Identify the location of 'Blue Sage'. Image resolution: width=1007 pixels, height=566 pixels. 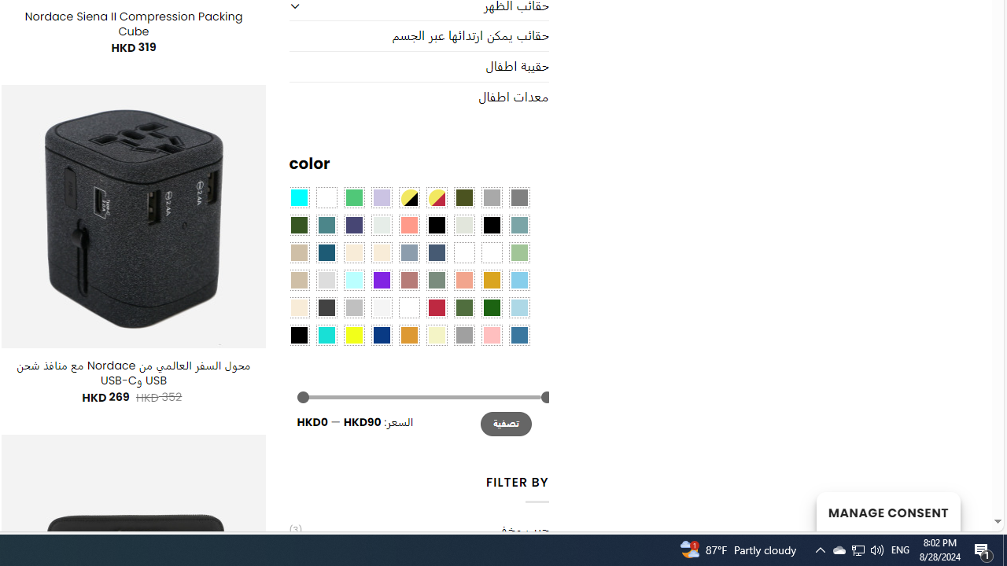
(518, 224).